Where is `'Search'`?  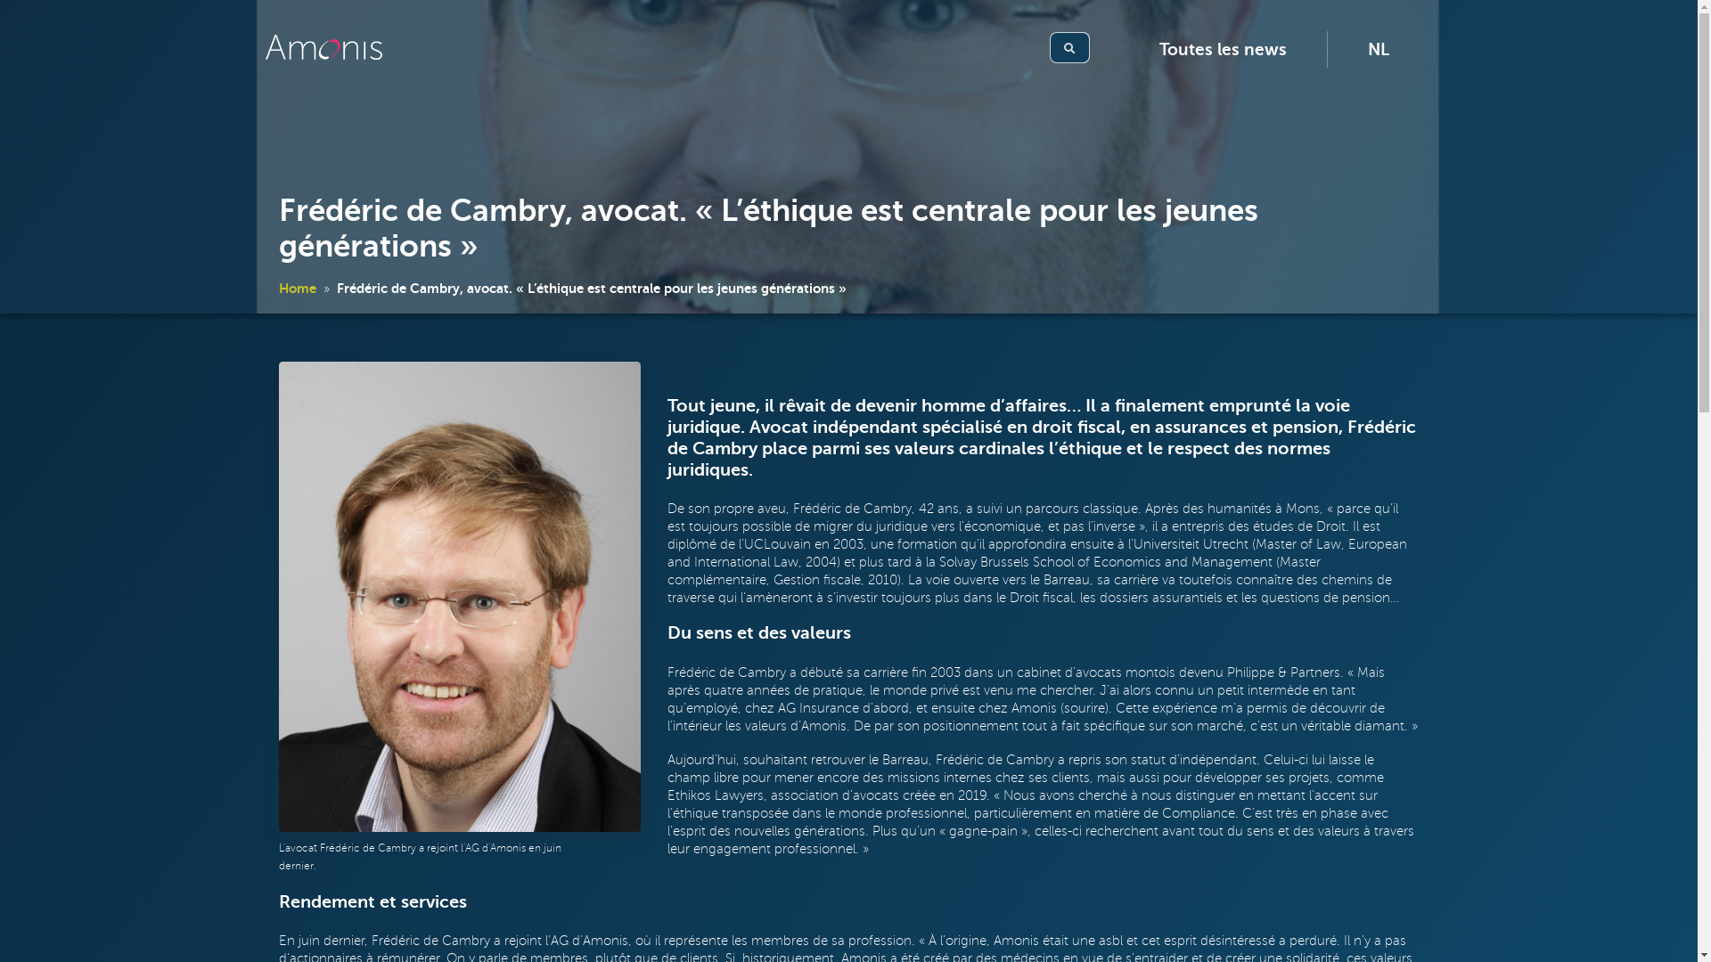 'Search' is located at coordinates (1049, 46).